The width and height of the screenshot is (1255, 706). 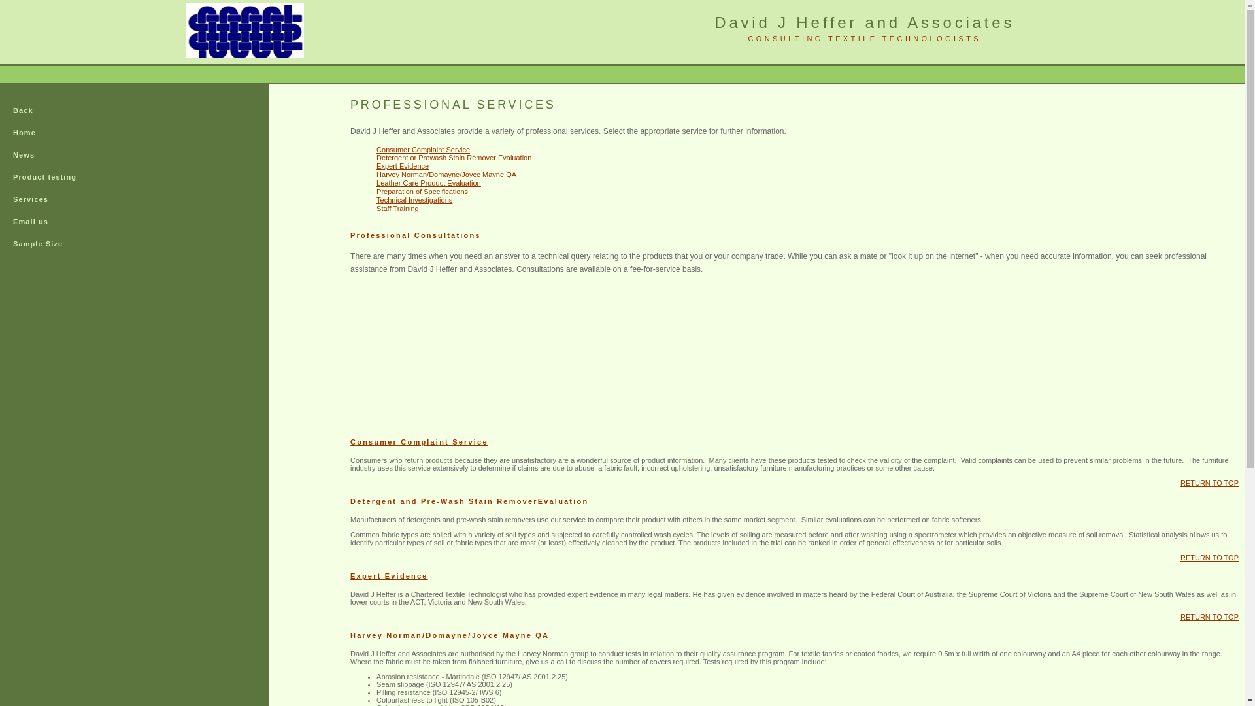 What do you see at coordinates (0, 155) in the screenshot?
I see `'News'` at bounding box center [0, 155].